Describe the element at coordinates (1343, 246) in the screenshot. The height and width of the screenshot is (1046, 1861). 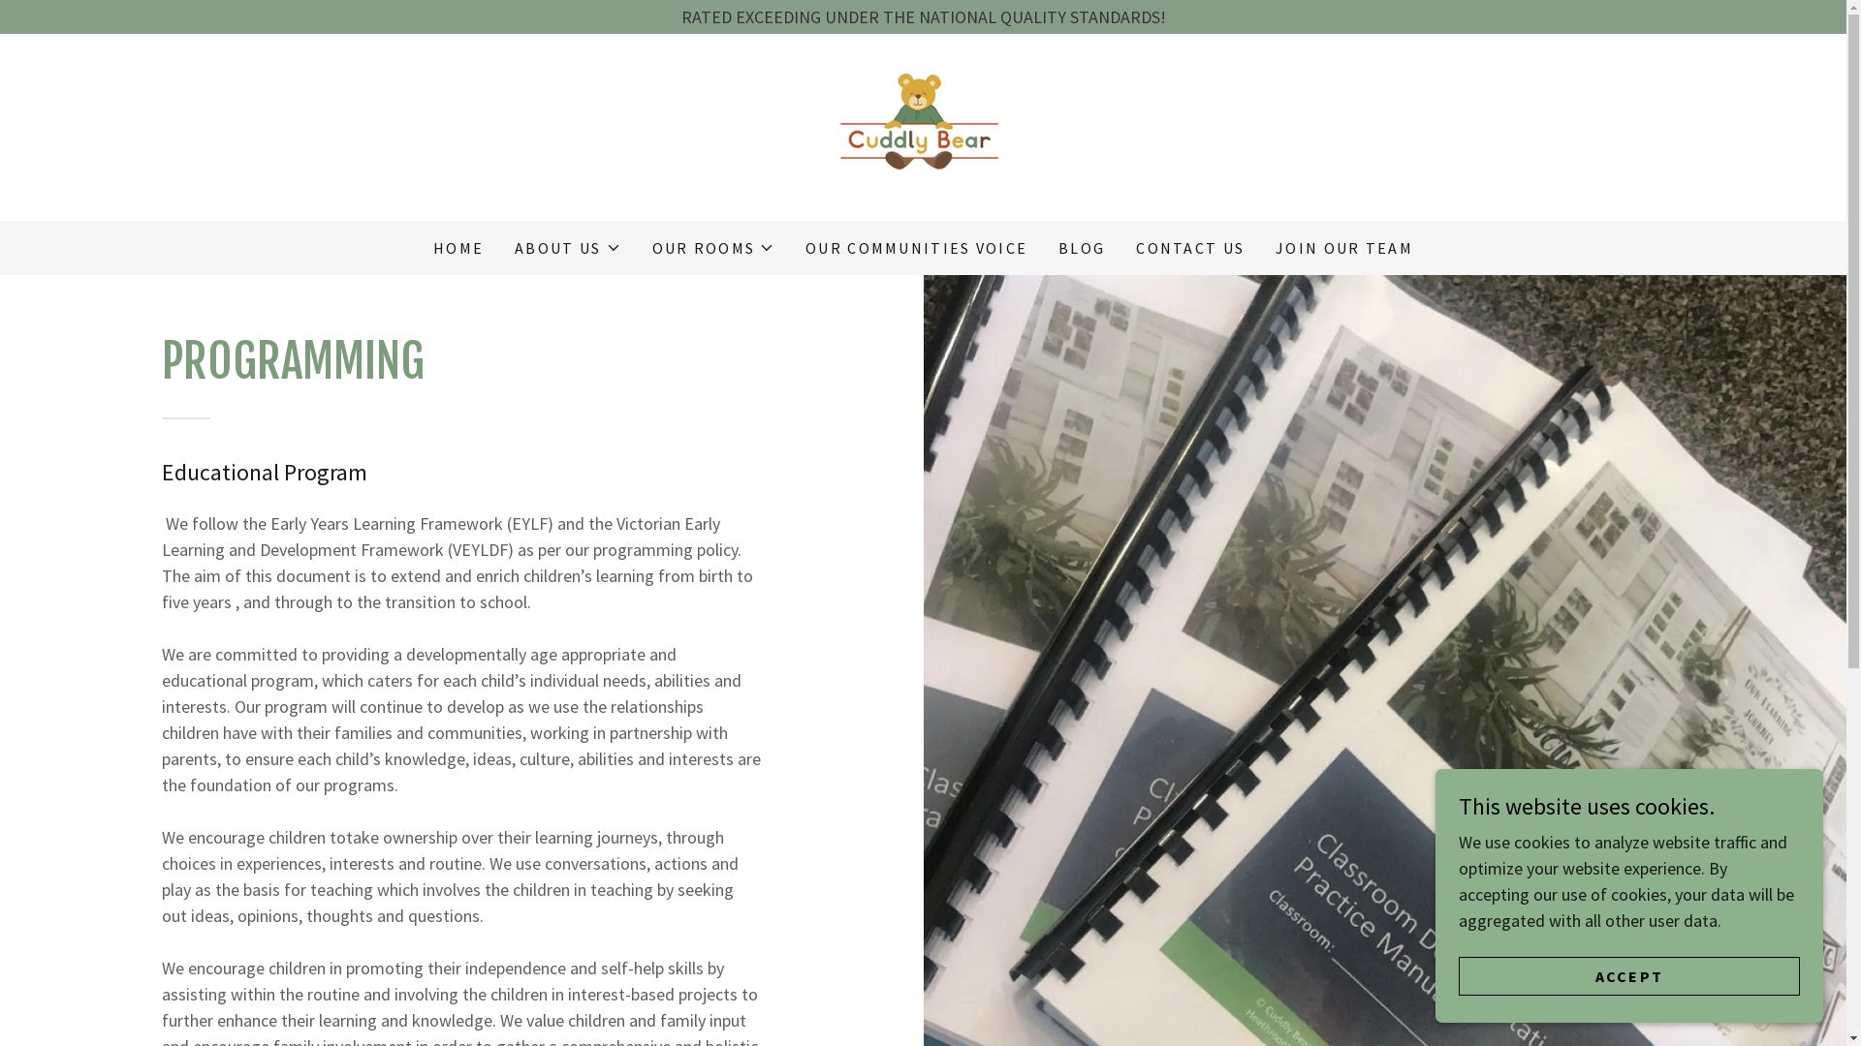
I see `'JOIN OUR TEAM'` at that location.